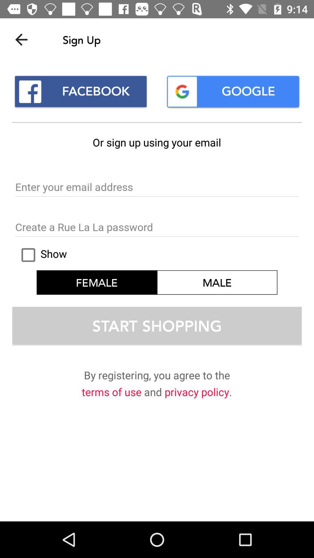 The image size is (314, 558). Describe the element at coordinates (81, 91) in the screenshot. I see `facebook` at that location.